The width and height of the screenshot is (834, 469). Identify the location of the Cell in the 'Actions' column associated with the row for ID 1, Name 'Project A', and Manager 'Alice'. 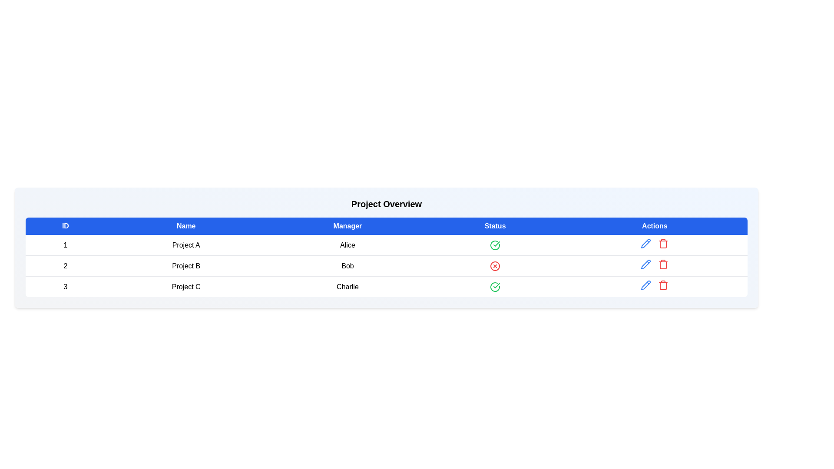
(655, 245).